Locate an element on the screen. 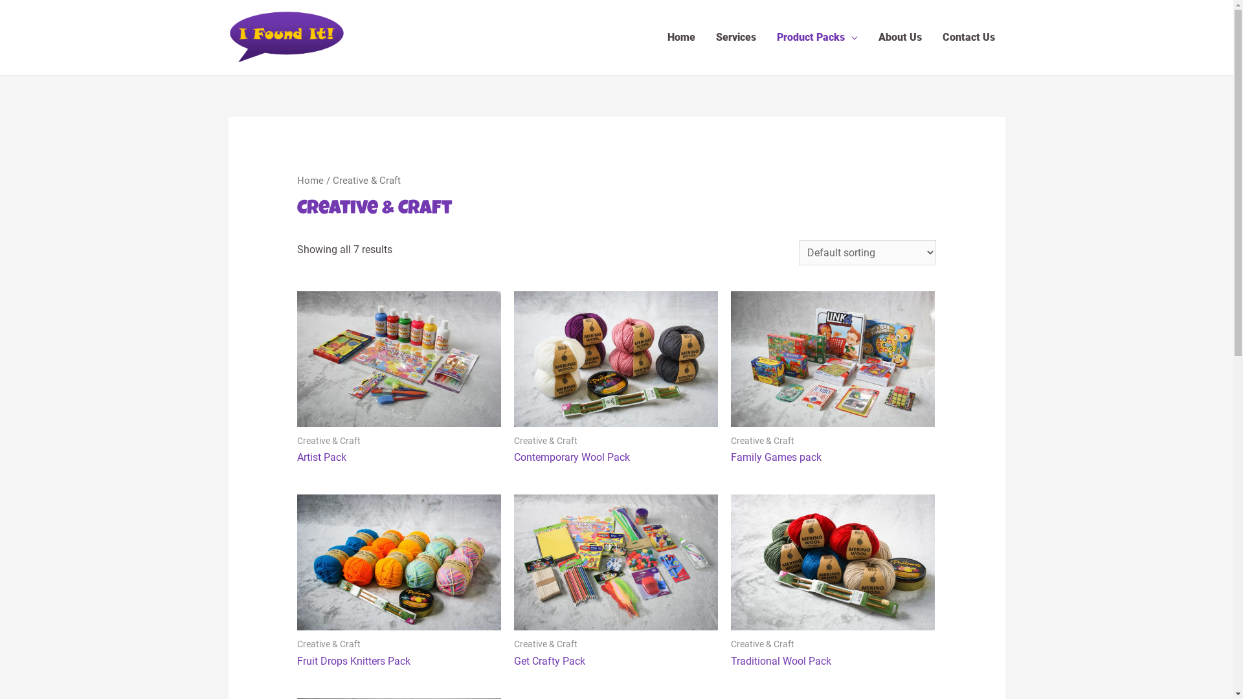 The width and height of the screenshot is (1243, 699). 'Contact Us' is located at coordinates (969, 36).